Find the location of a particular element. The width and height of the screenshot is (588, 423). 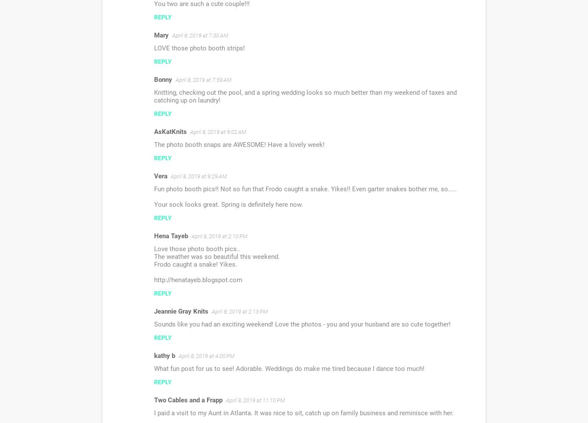

'What fun post for us to see! Adorable. Weddings do make me tired because I dance too much!' is located at coordinates (154, 369).